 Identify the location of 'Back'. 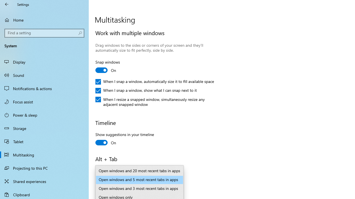
(7, 4).